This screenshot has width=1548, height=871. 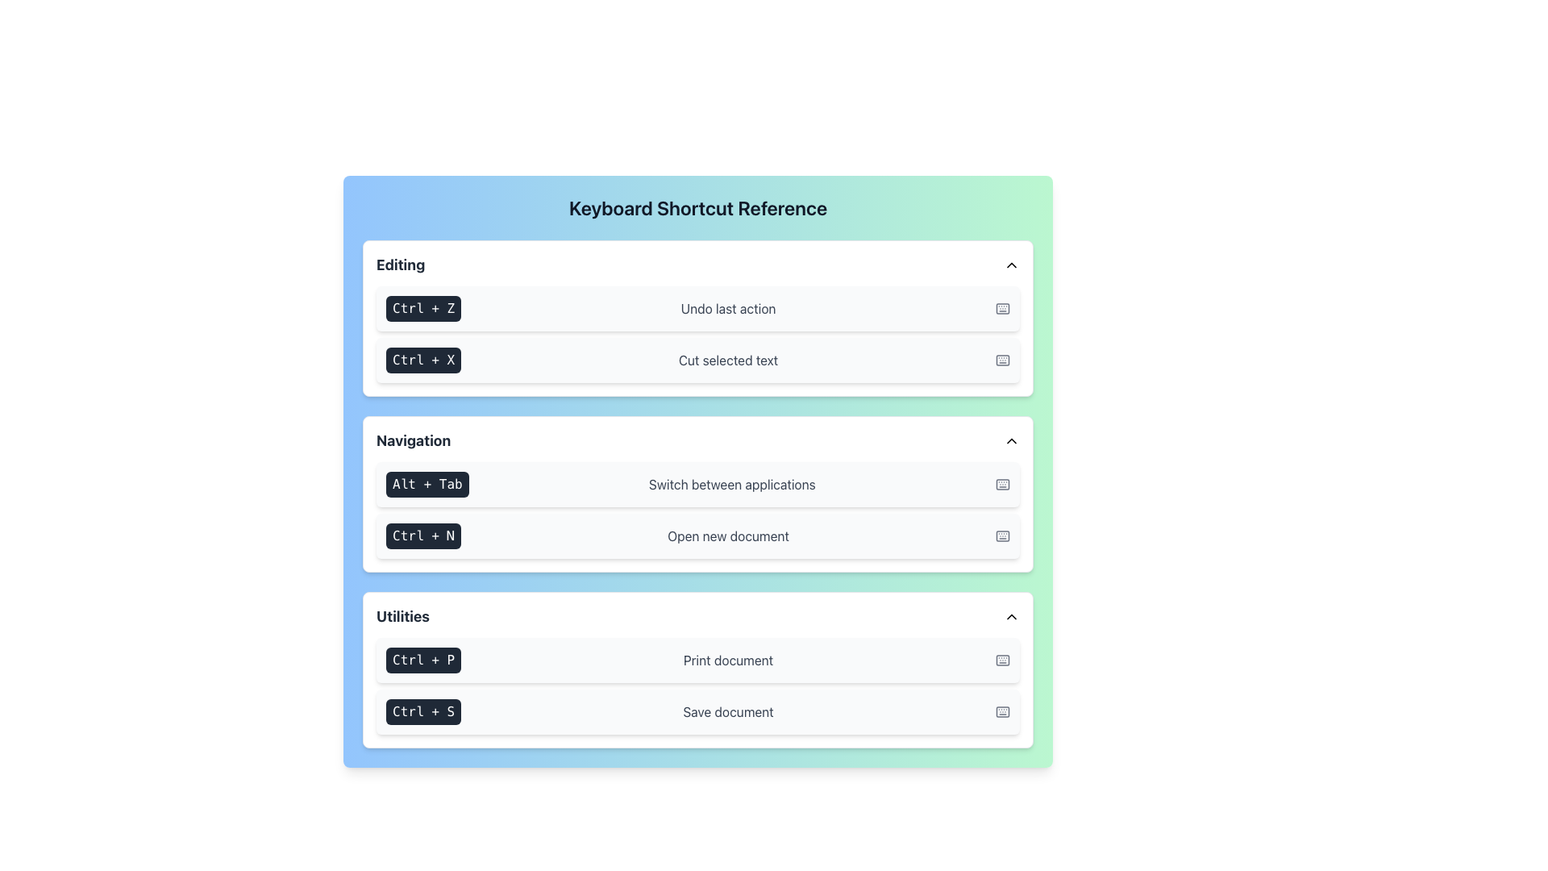 What do you see at coordinates (727, 308) in the screenshot?
I see `text label displaying 'Undo last action' located to the right of the 'Ctrl + Z' keyboard shortcut in the Editing category` at bounding box center [727, 308].